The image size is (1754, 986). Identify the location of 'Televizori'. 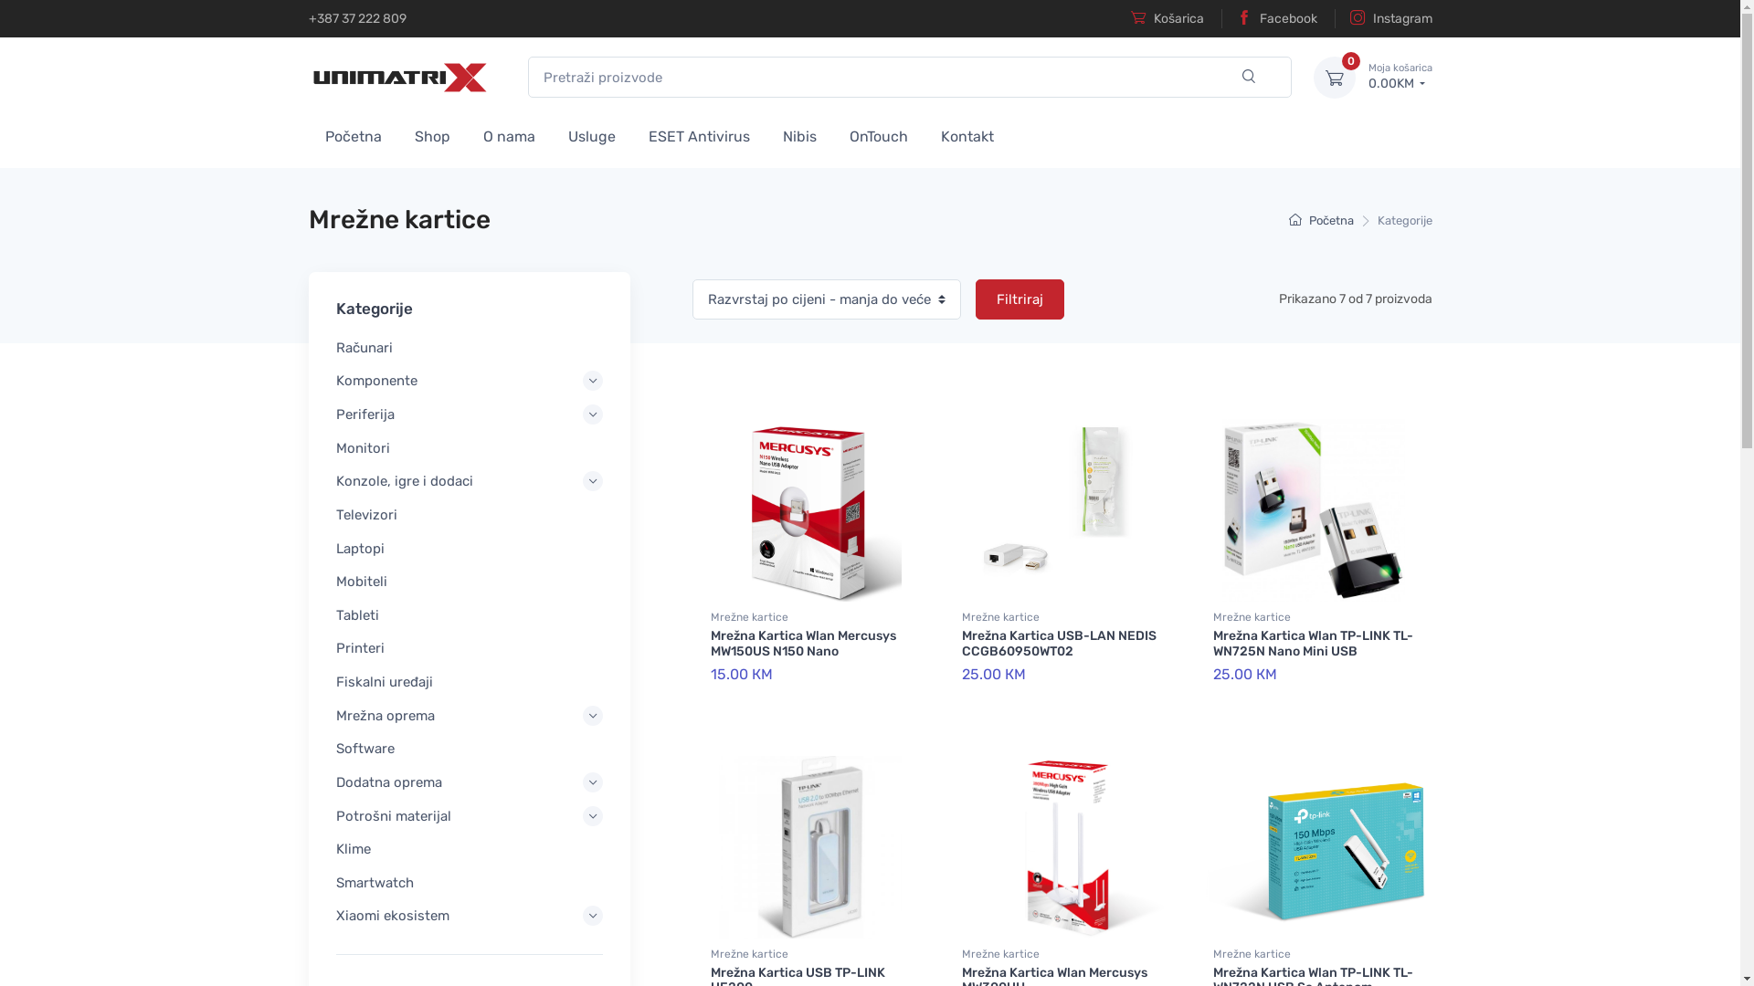
(469, 514).